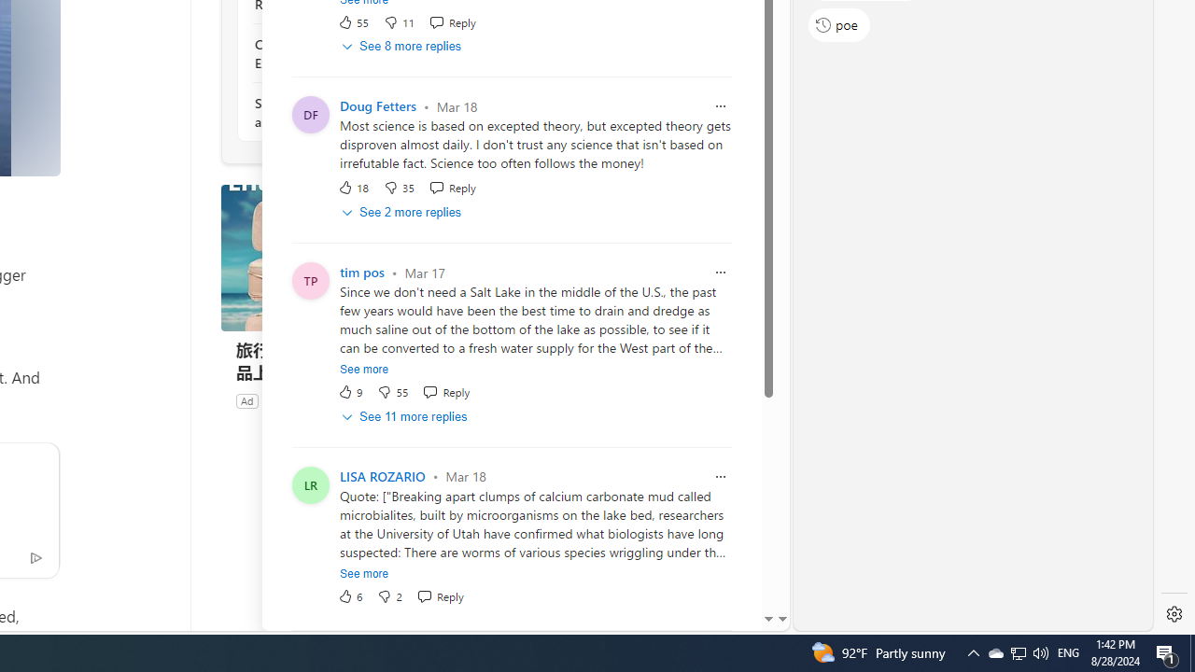  What do you see at coordinates (402, 46) in the screenshot?
I see `'See 8 more replies'` at bounding box center [402, 46].